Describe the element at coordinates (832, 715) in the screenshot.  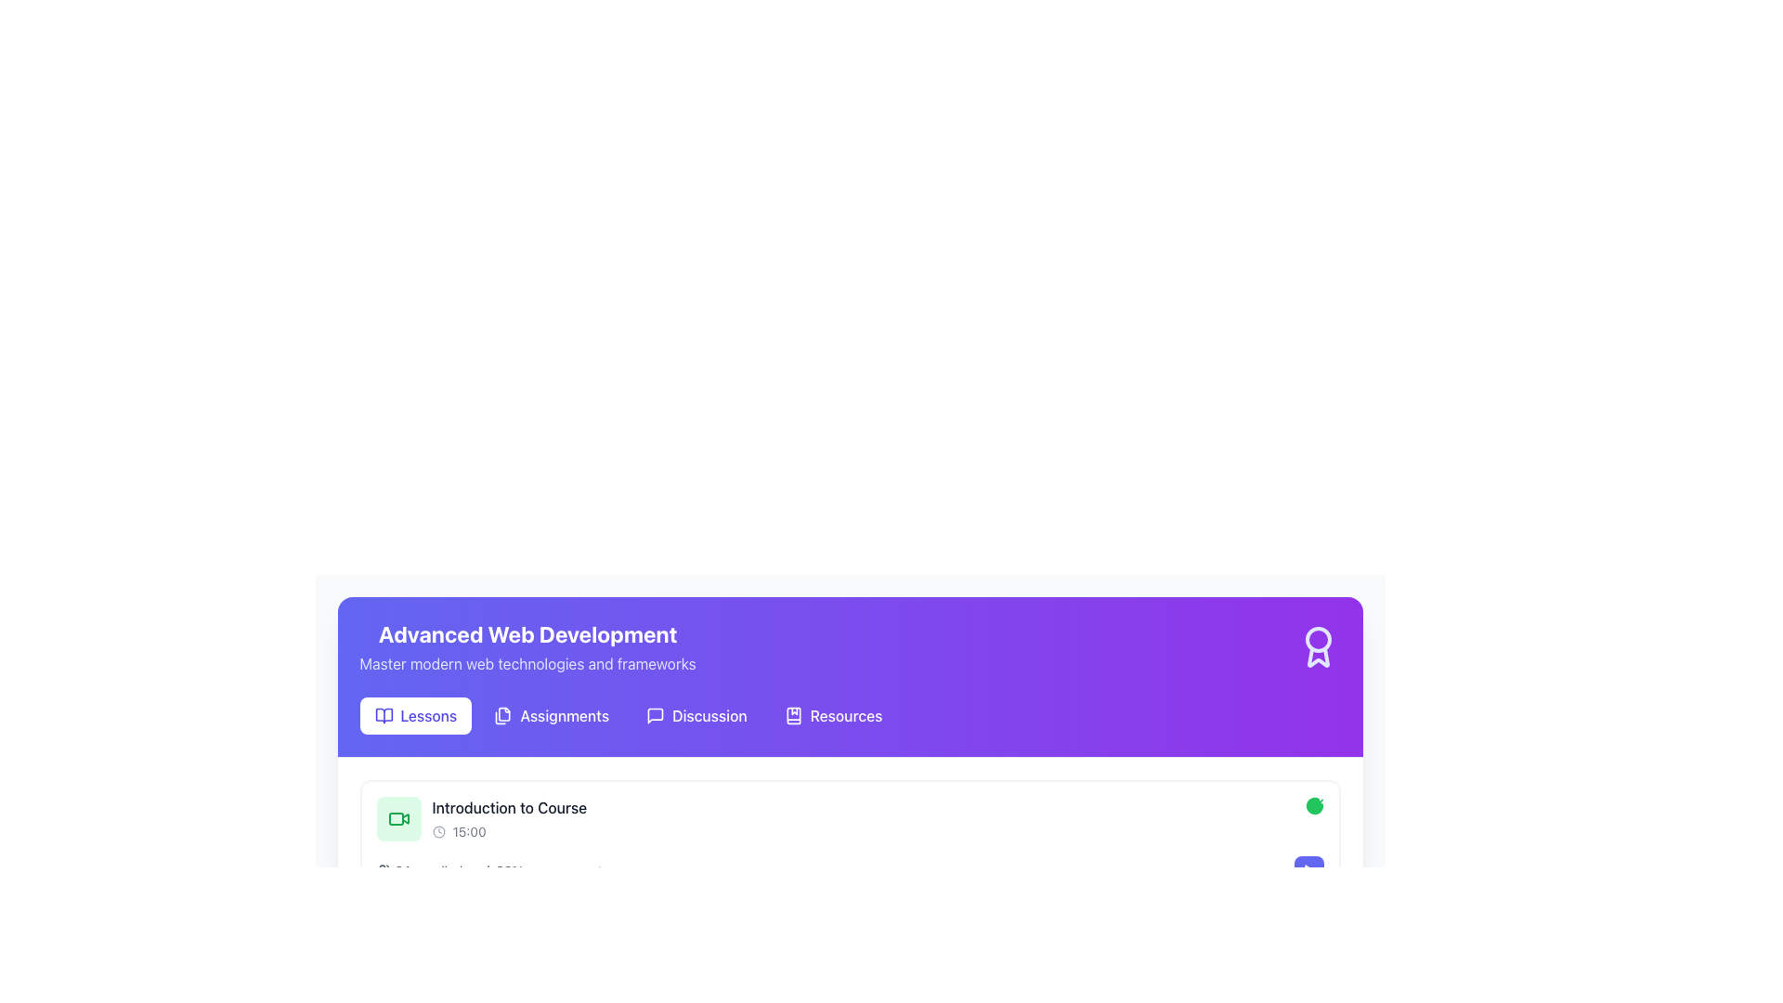
I see `the navigational button that leads to the 'Resources' section, positioned fourth in a horizontal row of menu items, to the right of 'Discussion'` at that location.